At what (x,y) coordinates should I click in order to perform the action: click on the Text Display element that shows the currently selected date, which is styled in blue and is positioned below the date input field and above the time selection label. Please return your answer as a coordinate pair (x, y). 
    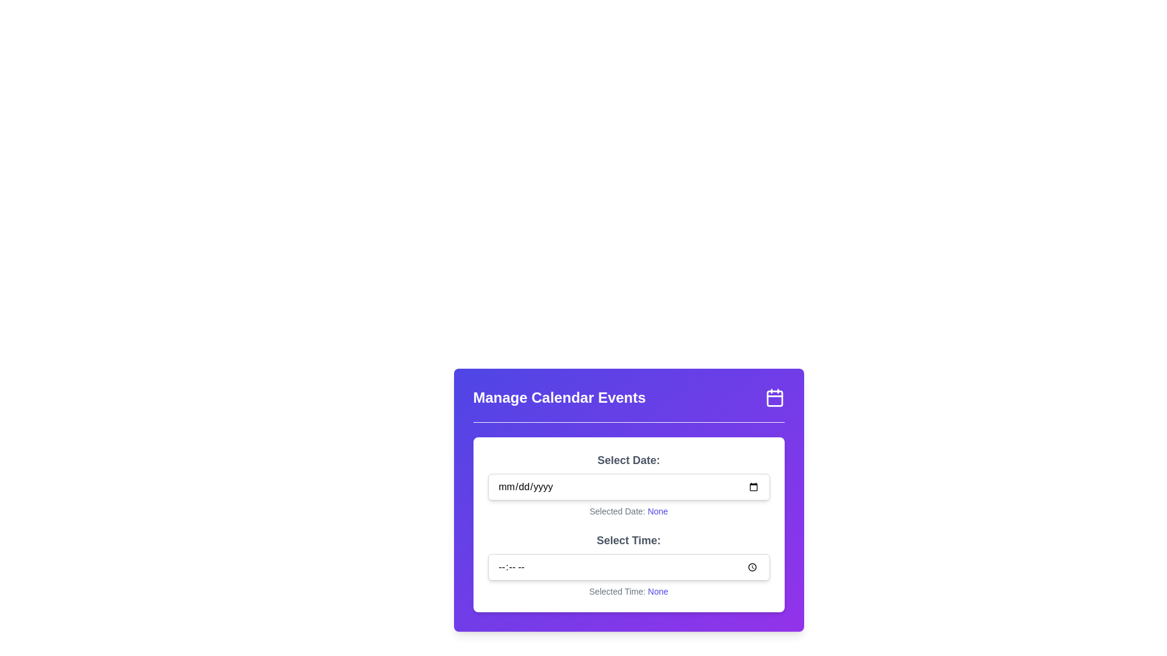
    Looking at the image, I should click on (628, 511).